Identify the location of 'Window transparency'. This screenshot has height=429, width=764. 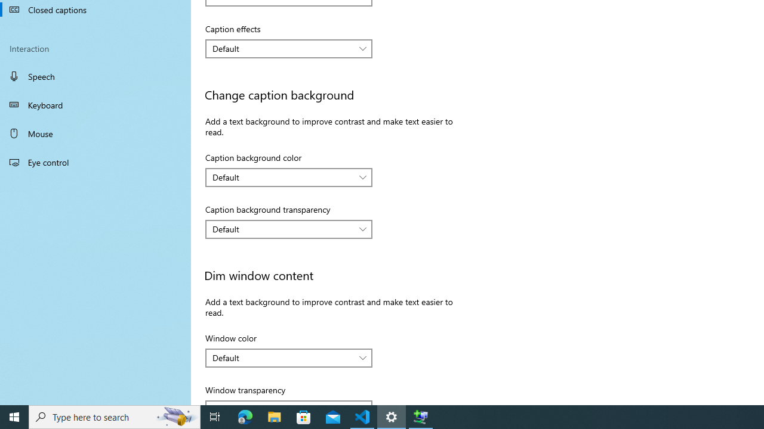
(289, 402).